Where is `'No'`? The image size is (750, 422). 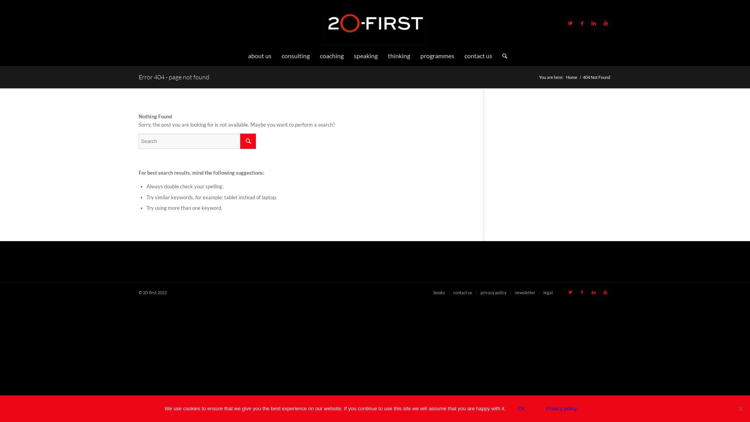
'No' is located at coordinates (736, 408).